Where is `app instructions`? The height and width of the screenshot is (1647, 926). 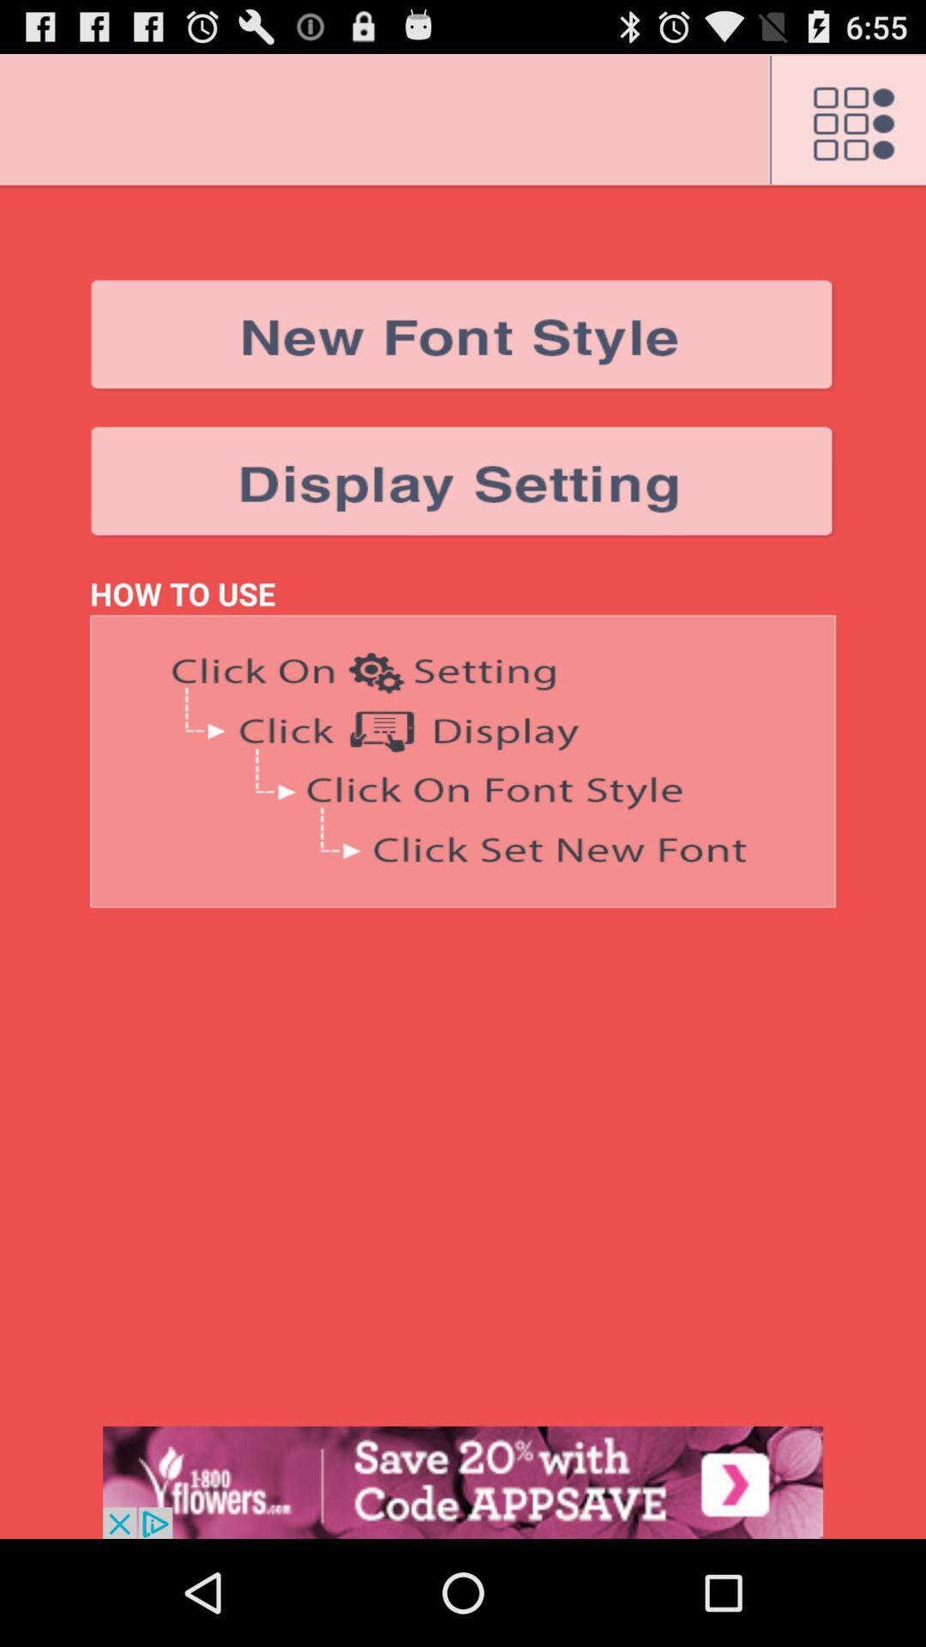
app instructions is located at coordinates (463, 760).